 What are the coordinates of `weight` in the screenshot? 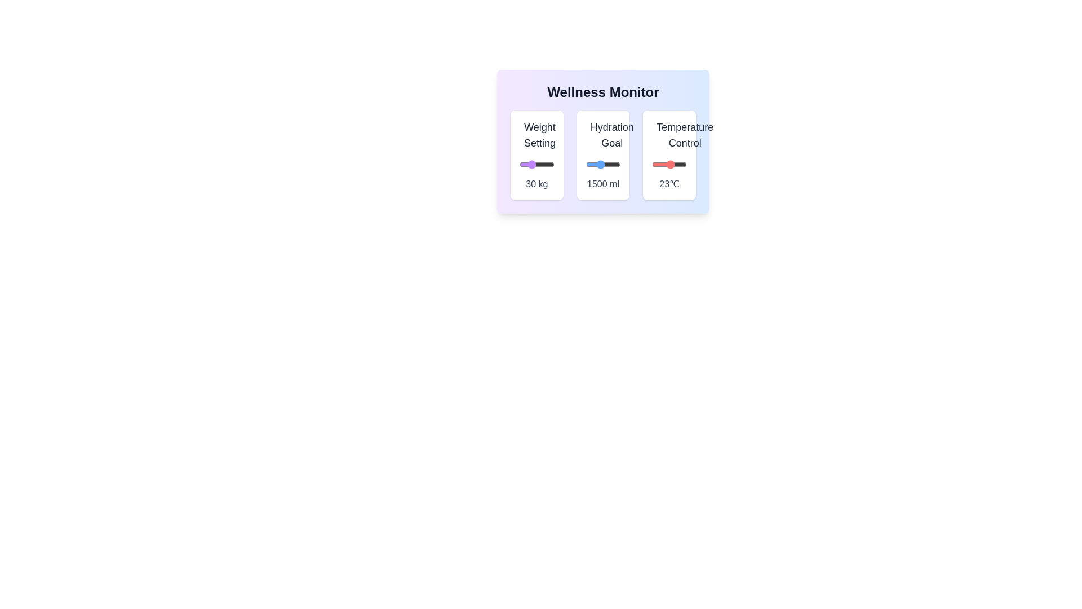 It's located at (547, 165).